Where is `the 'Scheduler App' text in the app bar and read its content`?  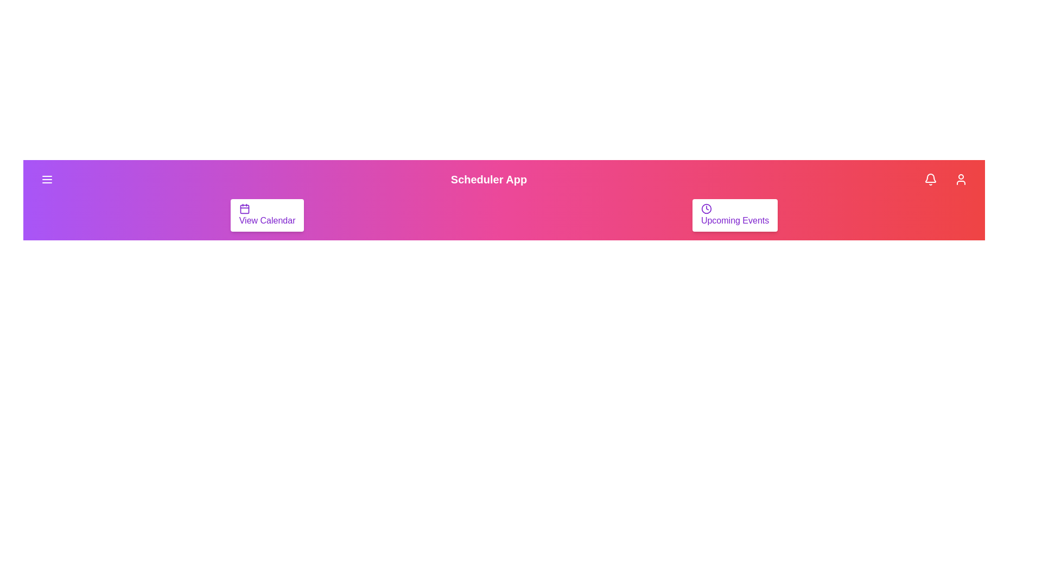
the 'Scheduler App' text in the app bar and read its content is located at coordinates (488, 179).